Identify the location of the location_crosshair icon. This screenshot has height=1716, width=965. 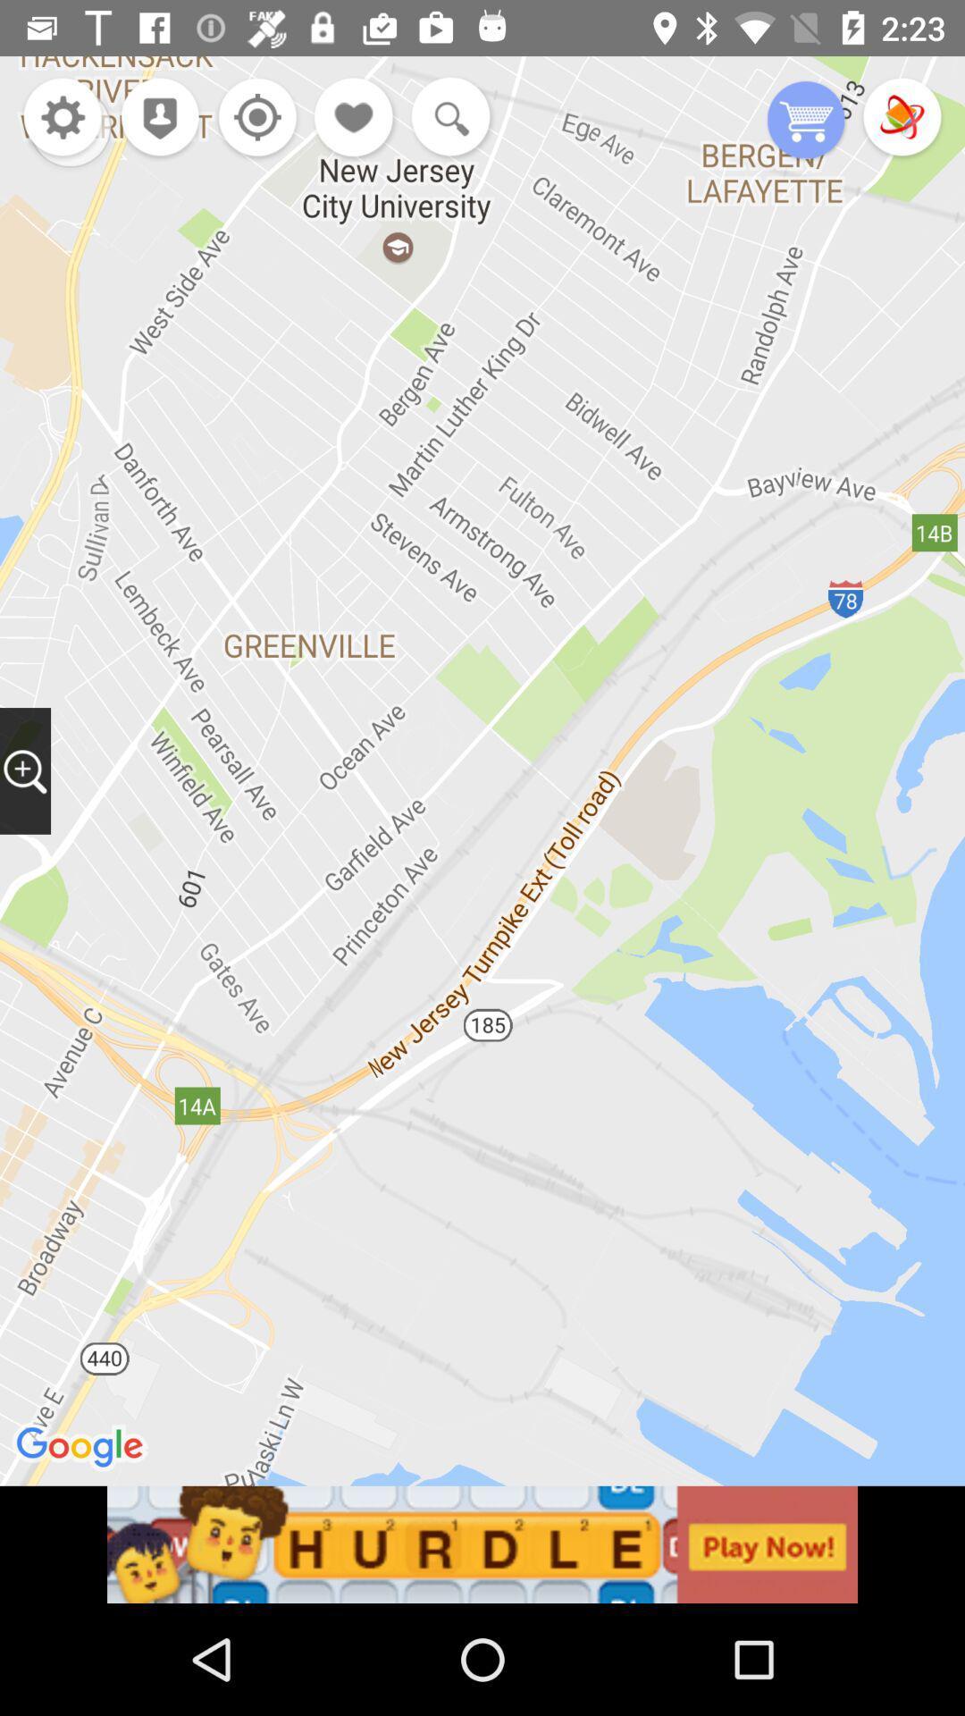
(253, 118).